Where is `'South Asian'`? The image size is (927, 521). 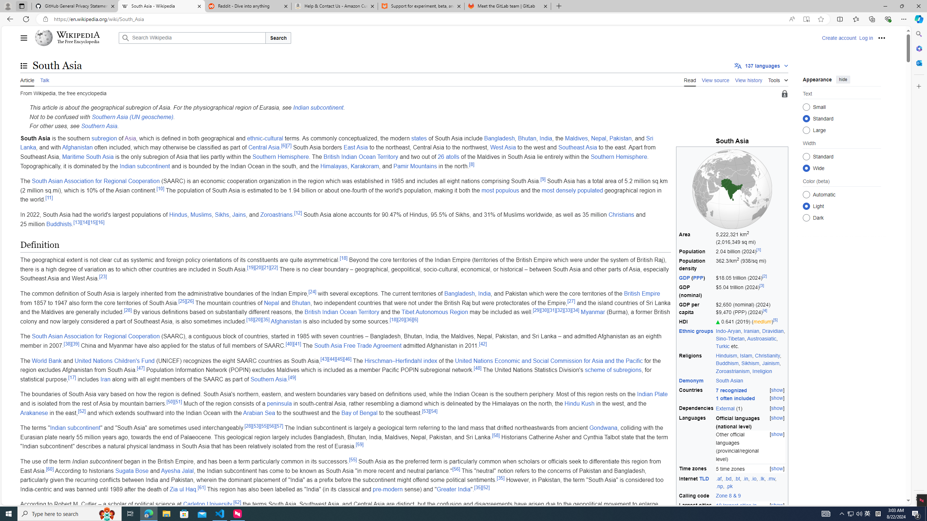
'South Asian' is located at coordinates (729, 380).